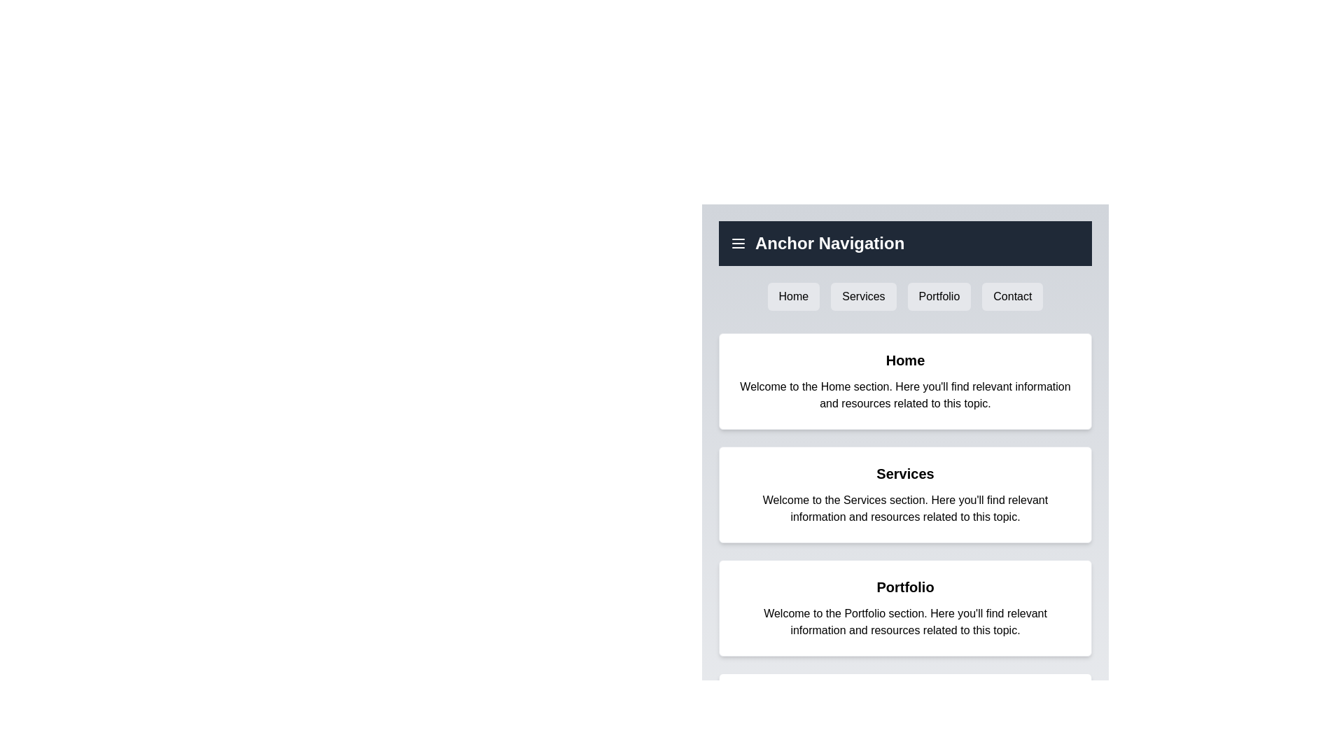 The image size is (1344, 756). Describe the element at coordinates (1012, 296) in the screenshot. I see `the 'Contact' button, which is the last button in the horizontal navigation menu bar with a gray background and rounded corners` at that location.